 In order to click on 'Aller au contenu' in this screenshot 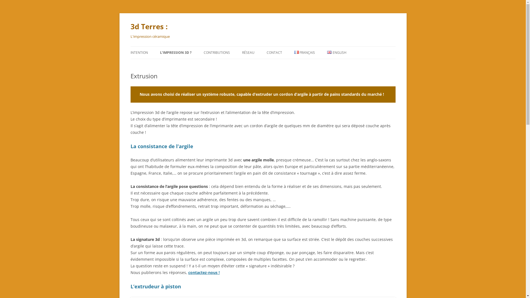, I will do `click(262, 46)`.